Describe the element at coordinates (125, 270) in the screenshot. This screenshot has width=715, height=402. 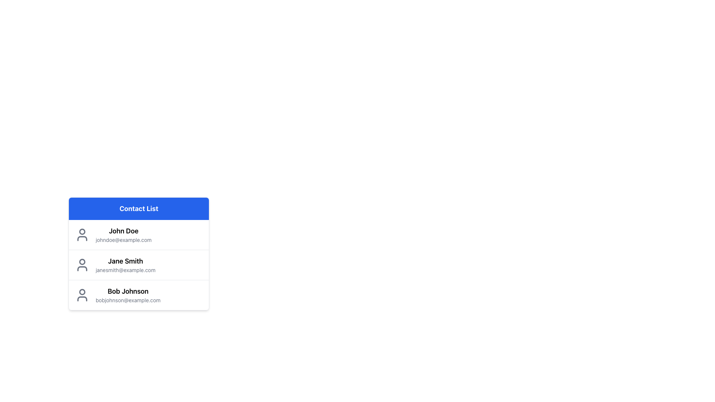
I see `the text displaying the email address associated with the contact named 'Jane Smith', positioned below the contact name and next to the avatar icon` at that location.